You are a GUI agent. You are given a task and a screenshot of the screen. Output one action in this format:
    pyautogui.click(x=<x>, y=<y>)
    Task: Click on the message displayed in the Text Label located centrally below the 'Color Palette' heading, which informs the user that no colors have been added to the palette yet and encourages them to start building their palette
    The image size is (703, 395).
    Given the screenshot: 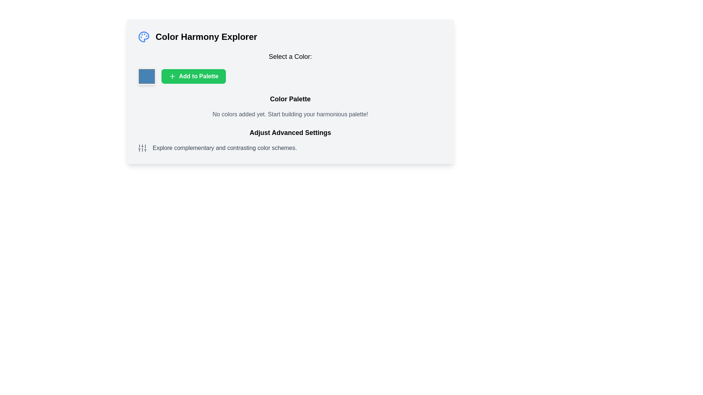 What is the action you would take?
    pyautogui.click(x=290, y=114)
    